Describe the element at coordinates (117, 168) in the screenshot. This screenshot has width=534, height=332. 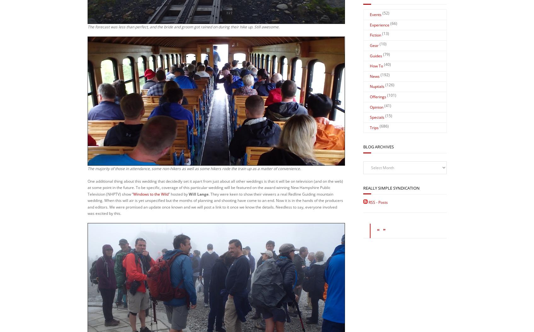
I see `'Update:'` at that location.